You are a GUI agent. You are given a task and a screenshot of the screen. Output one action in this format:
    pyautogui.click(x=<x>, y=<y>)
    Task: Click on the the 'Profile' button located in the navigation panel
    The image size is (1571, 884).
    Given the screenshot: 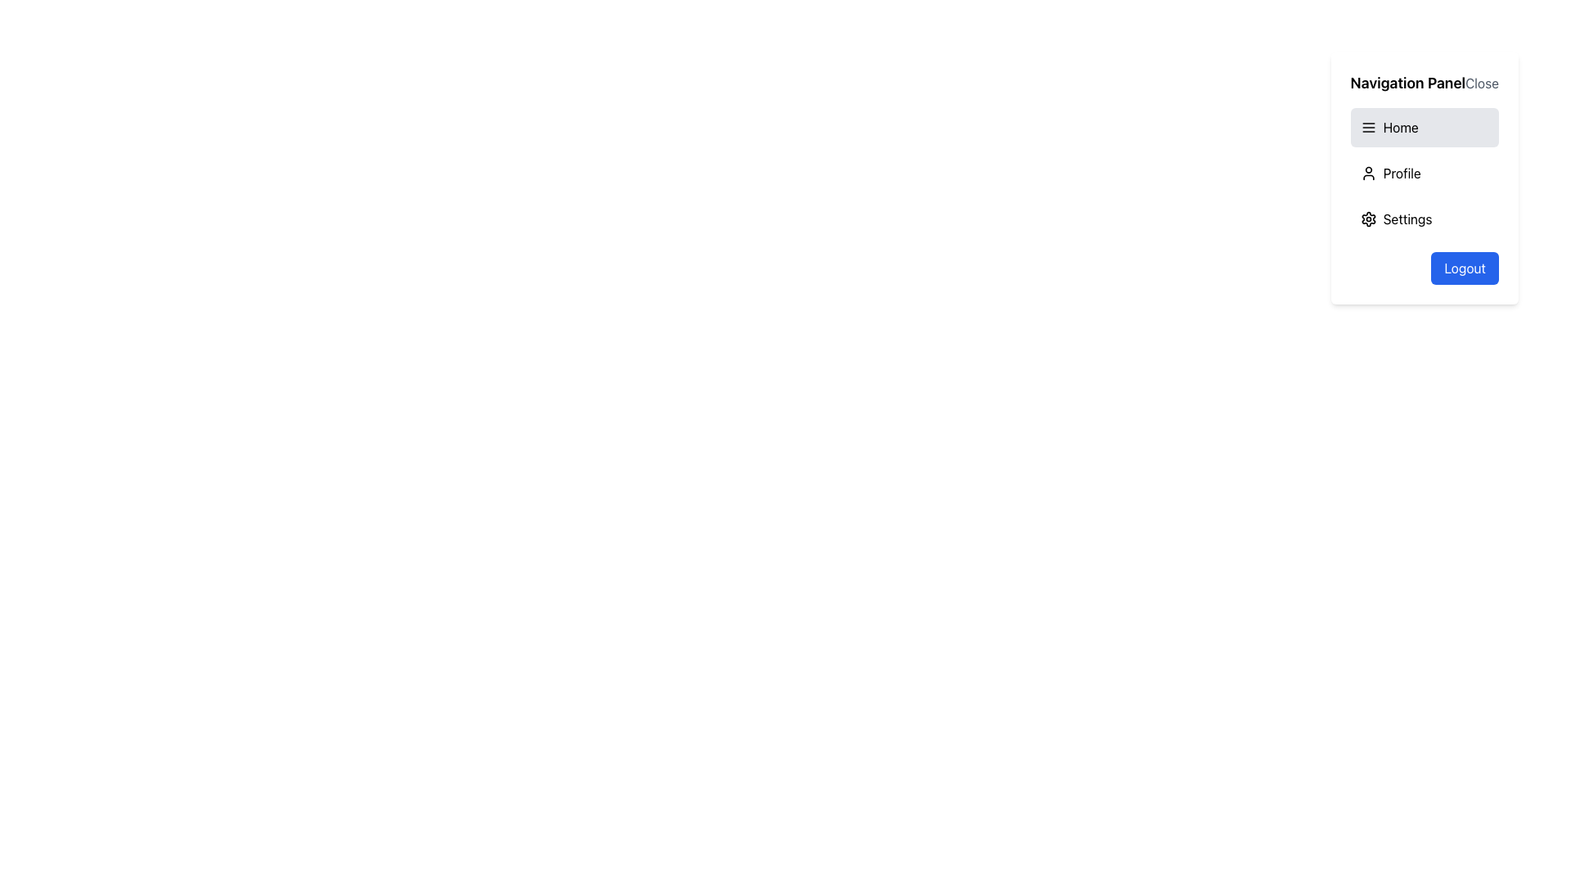 What is the action you would take?
    pyautogui.click(x=1424, y=174)
    